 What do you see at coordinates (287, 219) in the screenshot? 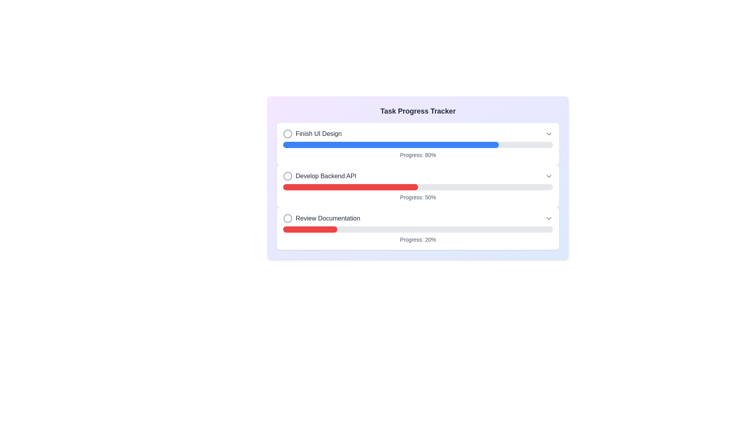
I see `the SVG Circle icon located to the left of the text 'Review Documentation' to indicate status or category` at bounding box center [287, 219].